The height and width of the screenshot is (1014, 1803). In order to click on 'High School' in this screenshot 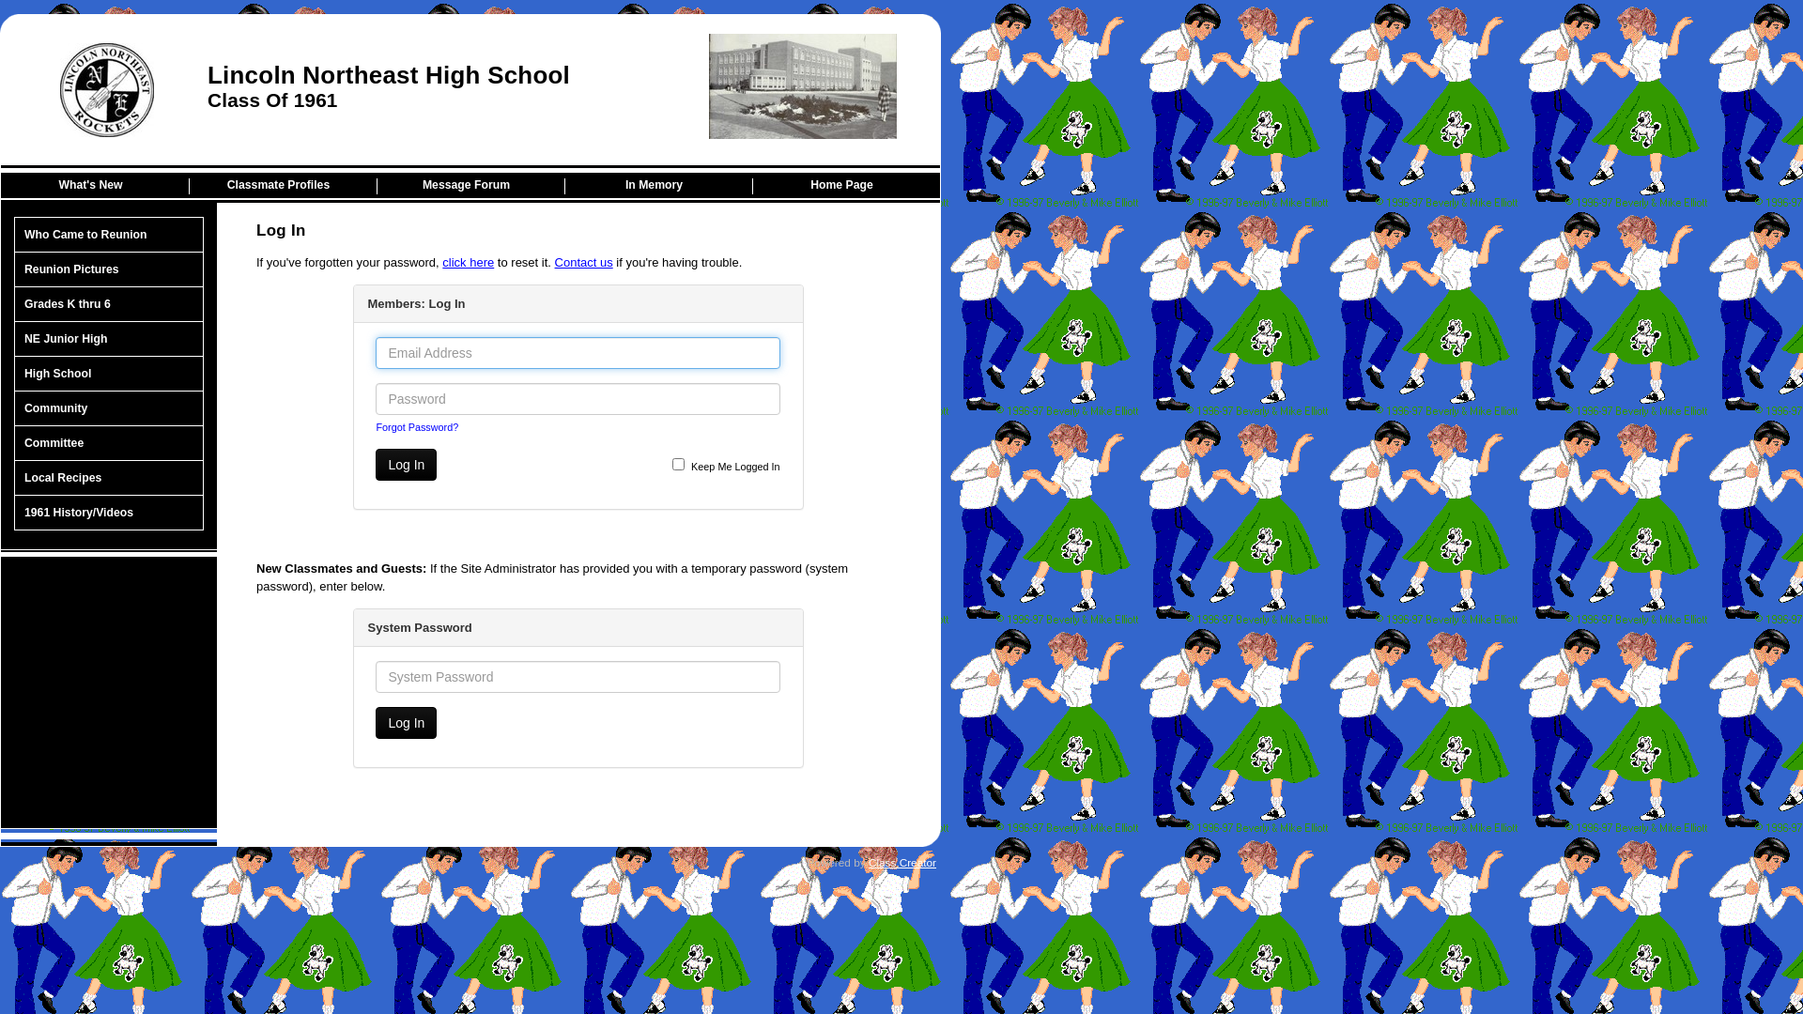, I will do `click(107, 374)`.